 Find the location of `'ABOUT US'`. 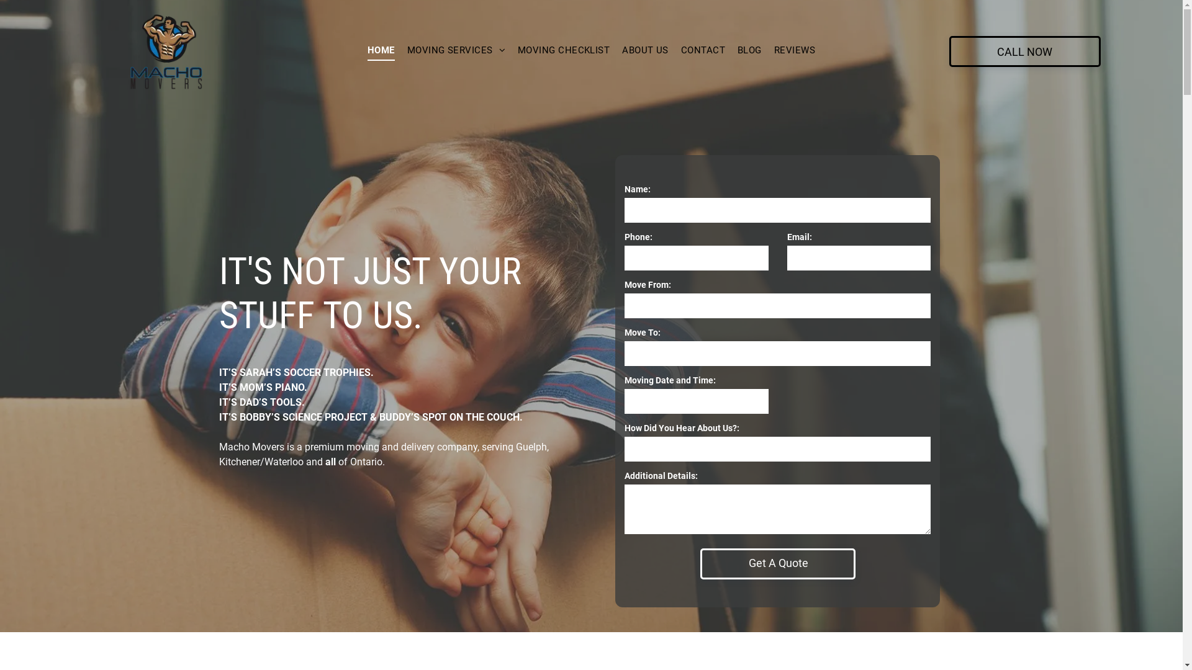

'ABOUT US' is located at coordinates (616, 50).